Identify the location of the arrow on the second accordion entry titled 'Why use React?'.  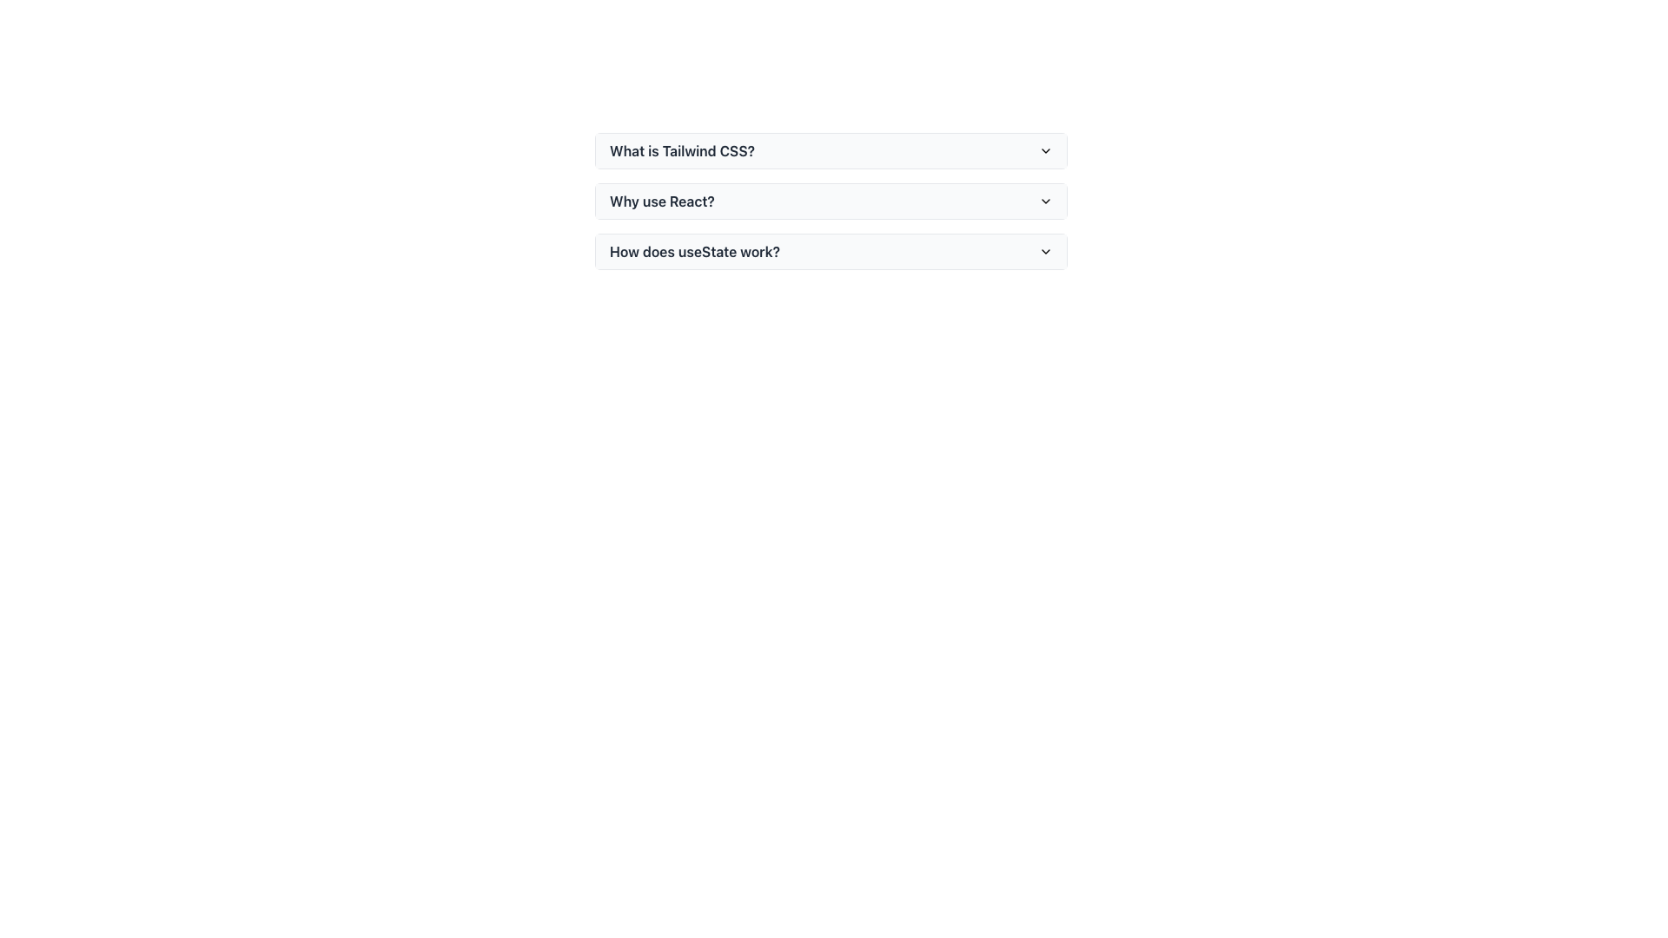
(830, 207).